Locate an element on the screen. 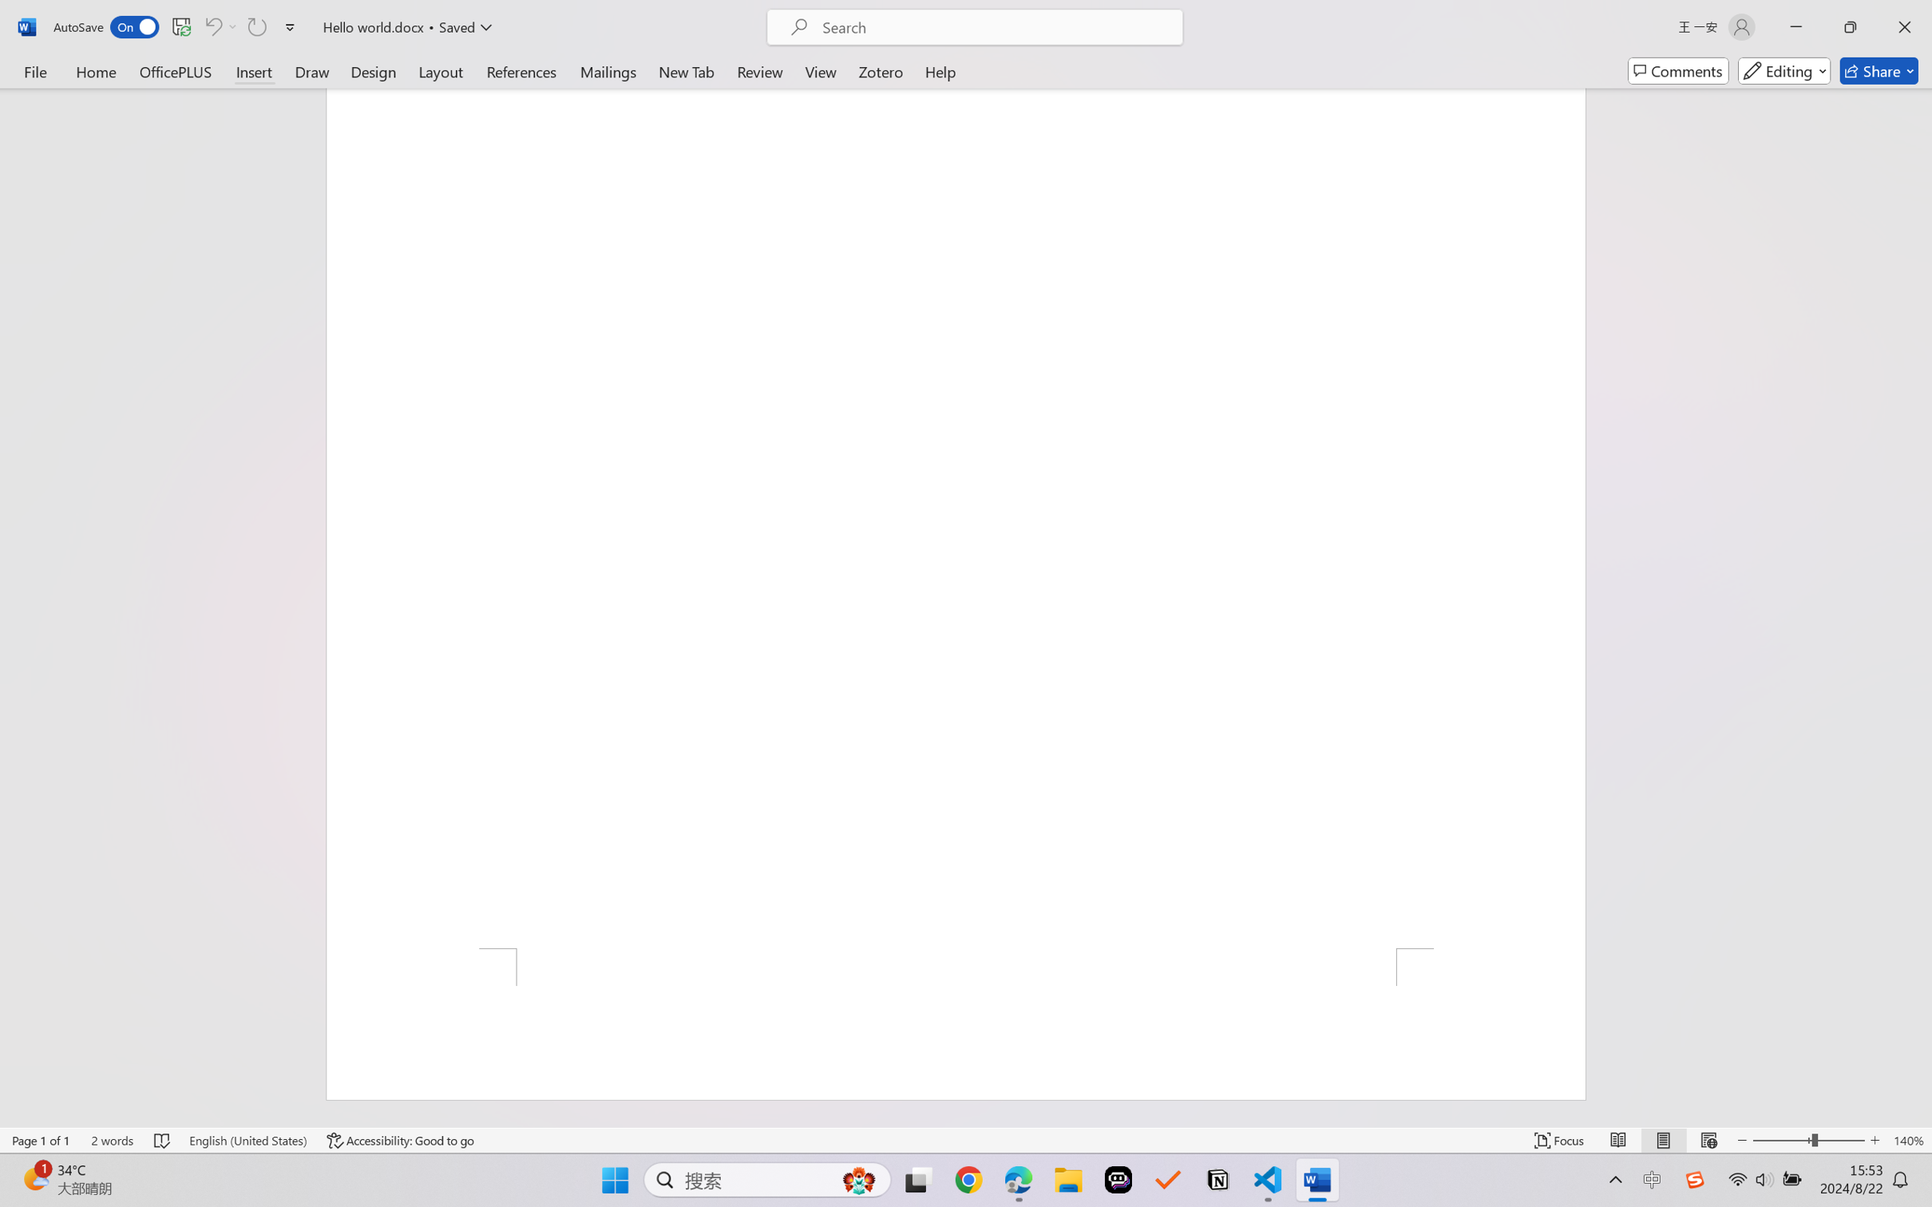 This screenshot has width=1932, height=1207. 'Close' is located at coordinates (1904, 26).